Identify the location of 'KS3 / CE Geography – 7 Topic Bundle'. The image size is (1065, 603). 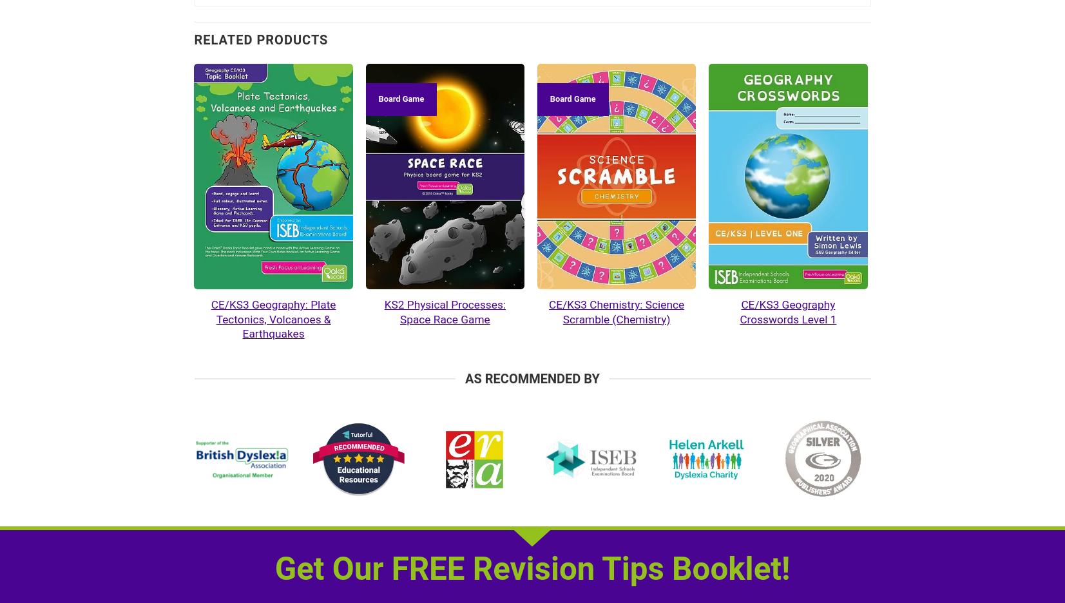
(101, 311).